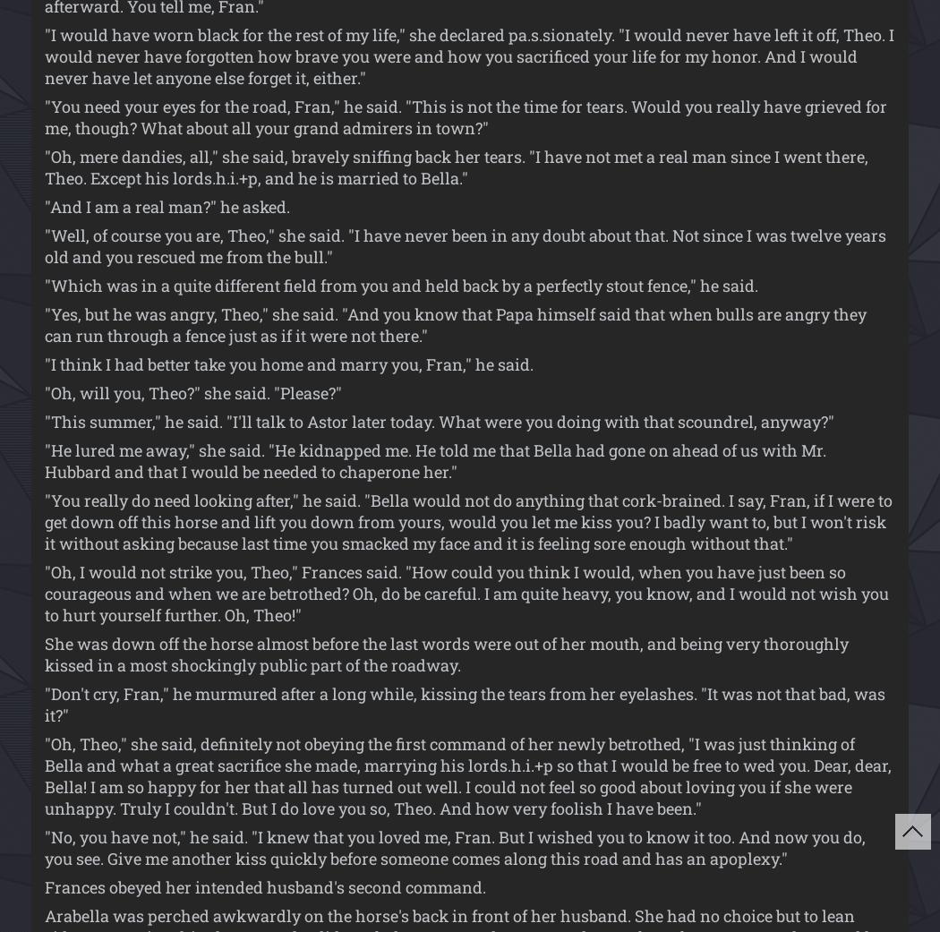  What do you see at coordinates (467, 774) in the screenshot?
I see `'"Oh, Theo," she said, definitely not obeying the first command of her newly betrothed, "I was just thinking of Bella and what a great sacrifice she made, marrying his lords.h.i.+p so that I would be free to wed you. Dear, dear, Bella! I am so happy for her that all has turned out well. I could not feel so good about loving you if she were unhappy. Truly I couldn't. But I do love you so, Theo. And how very foolish I have been."'` at bounding box center [467, 774].